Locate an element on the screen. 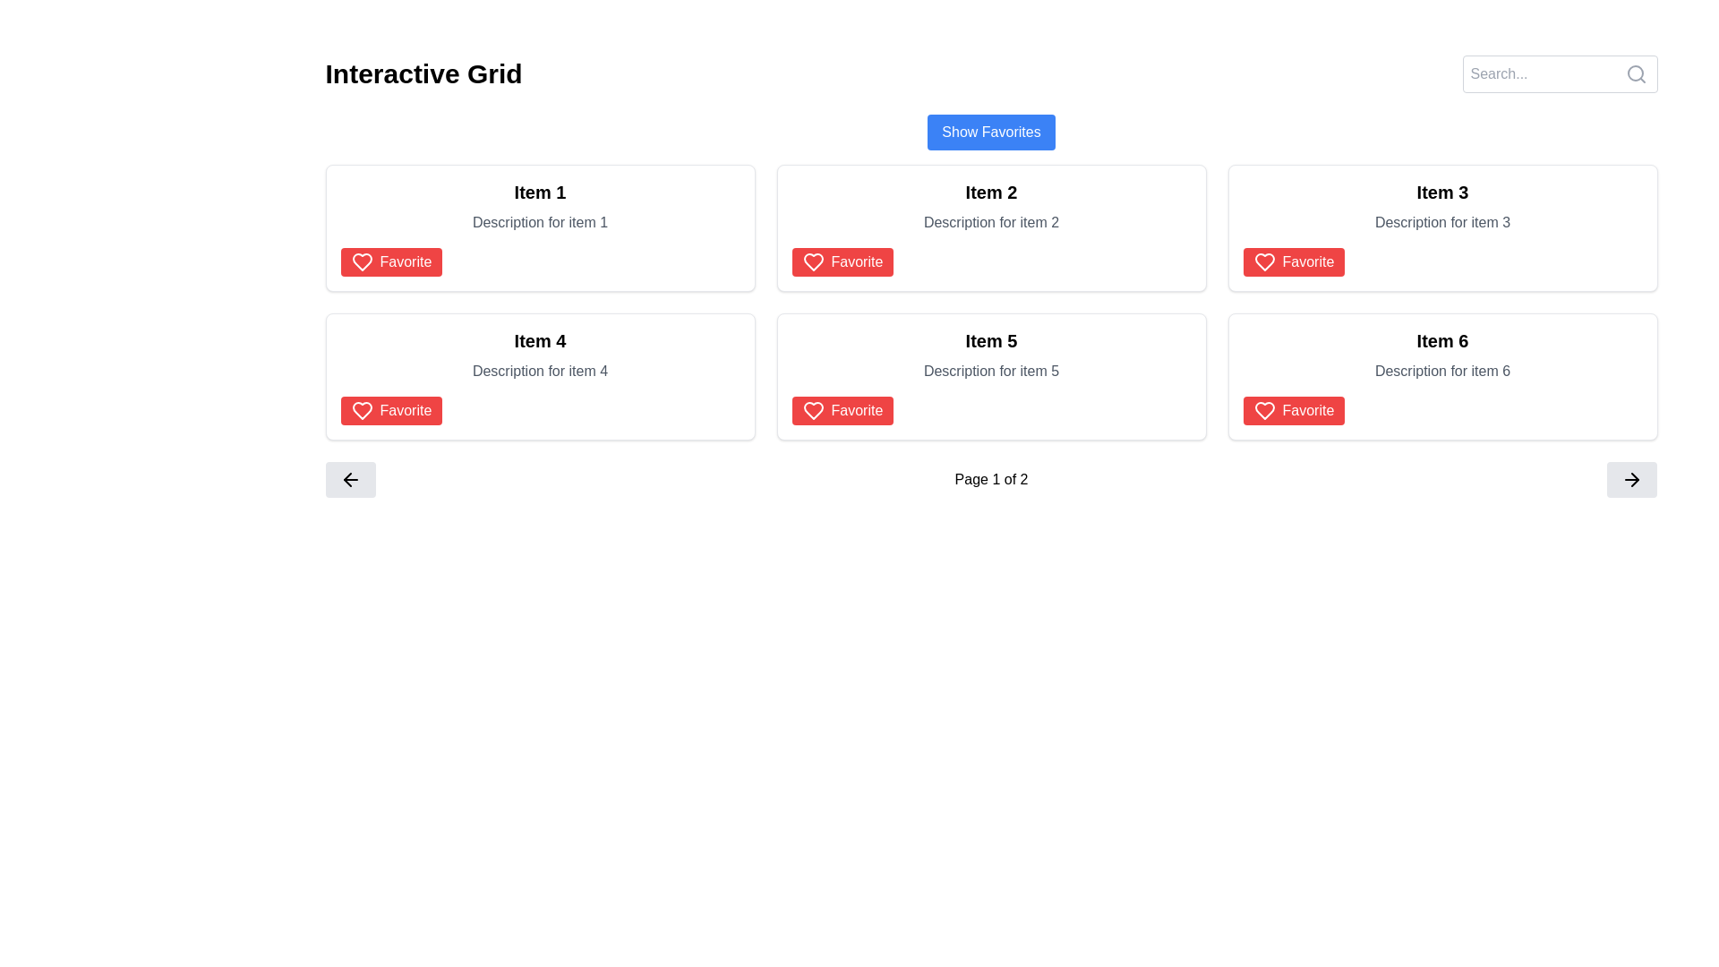  the 'Favorite' icon associated with 'Item 3' in the second column of the grid layout is located at coordinates (1263, 262).